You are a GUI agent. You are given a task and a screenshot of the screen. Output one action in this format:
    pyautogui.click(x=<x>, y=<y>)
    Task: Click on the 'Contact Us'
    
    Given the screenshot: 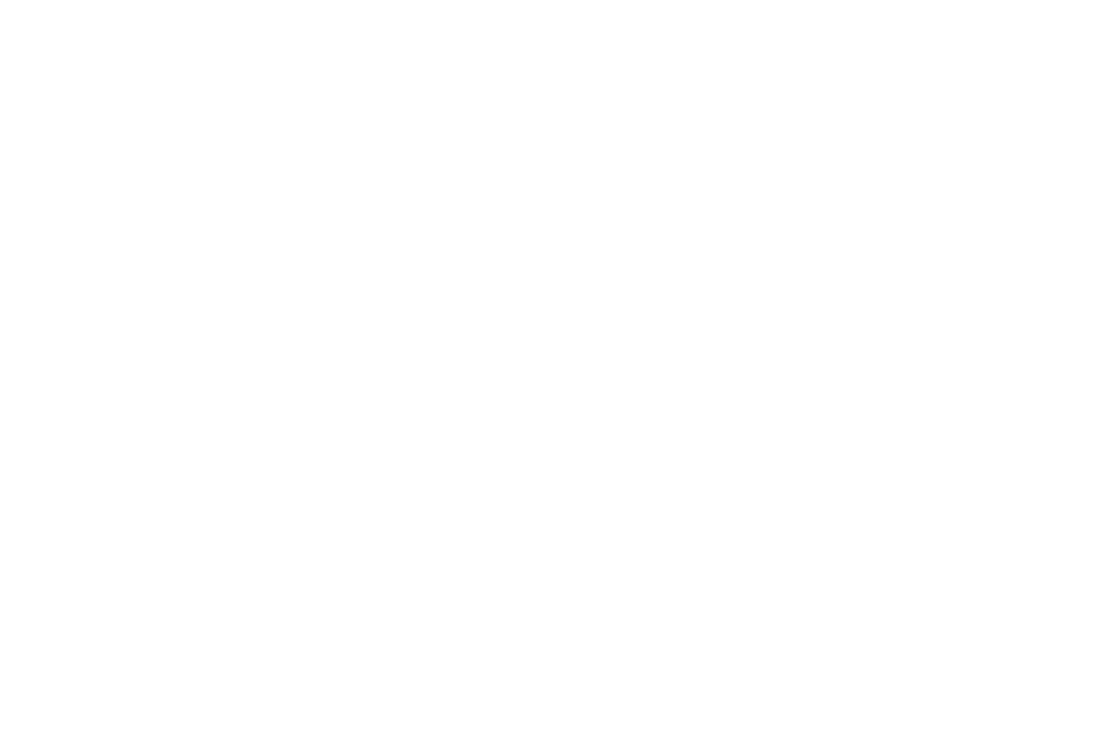 What is the action you would take?
    pyautogui.click(x=388, y=610)
    